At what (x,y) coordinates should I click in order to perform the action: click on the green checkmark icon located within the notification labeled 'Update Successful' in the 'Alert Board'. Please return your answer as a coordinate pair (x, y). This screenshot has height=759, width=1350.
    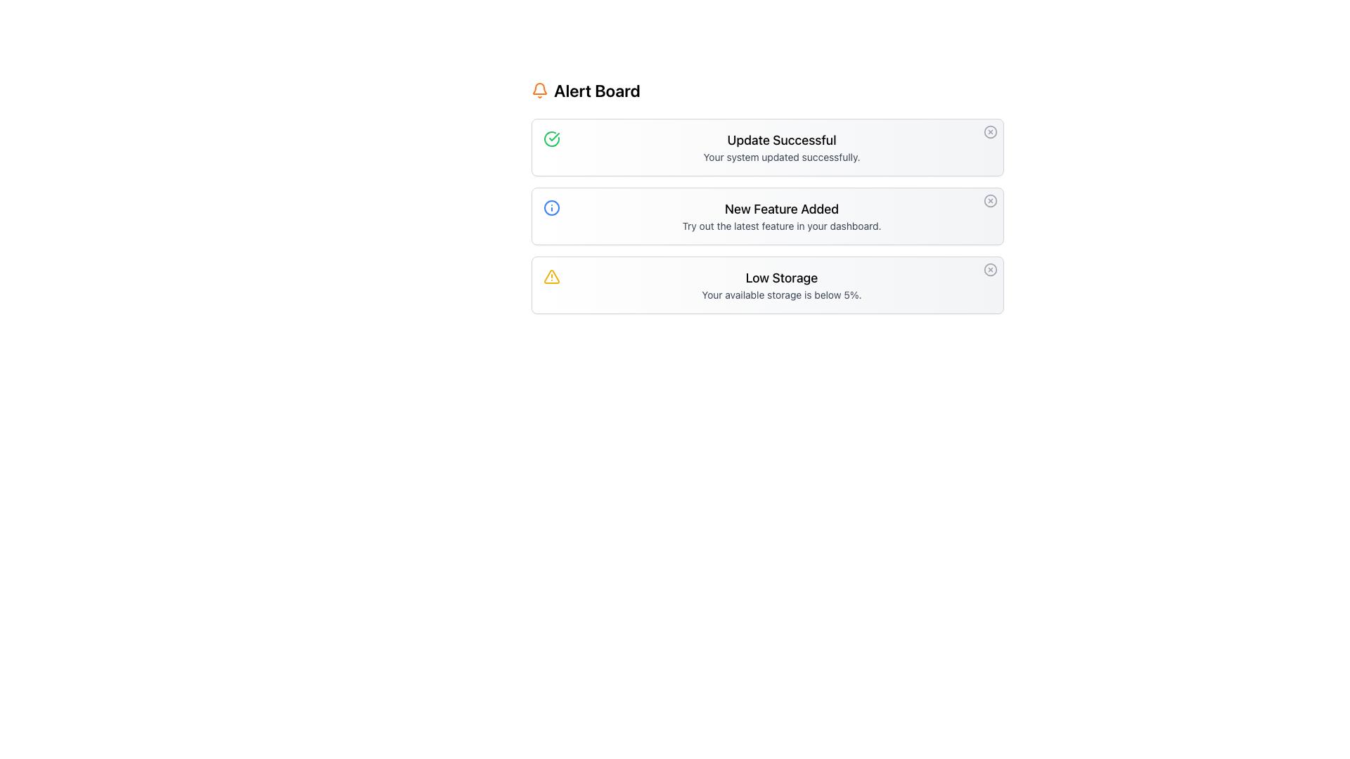
    Looking at the image, I should click on (551, 138).